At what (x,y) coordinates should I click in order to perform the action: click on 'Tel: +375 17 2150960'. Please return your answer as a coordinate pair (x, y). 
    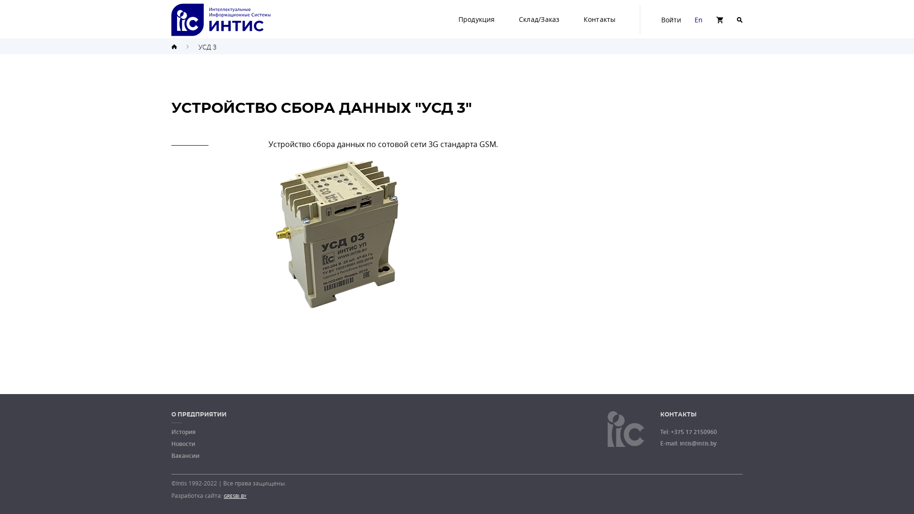
    Looking at the image, I should click on (688, 432).